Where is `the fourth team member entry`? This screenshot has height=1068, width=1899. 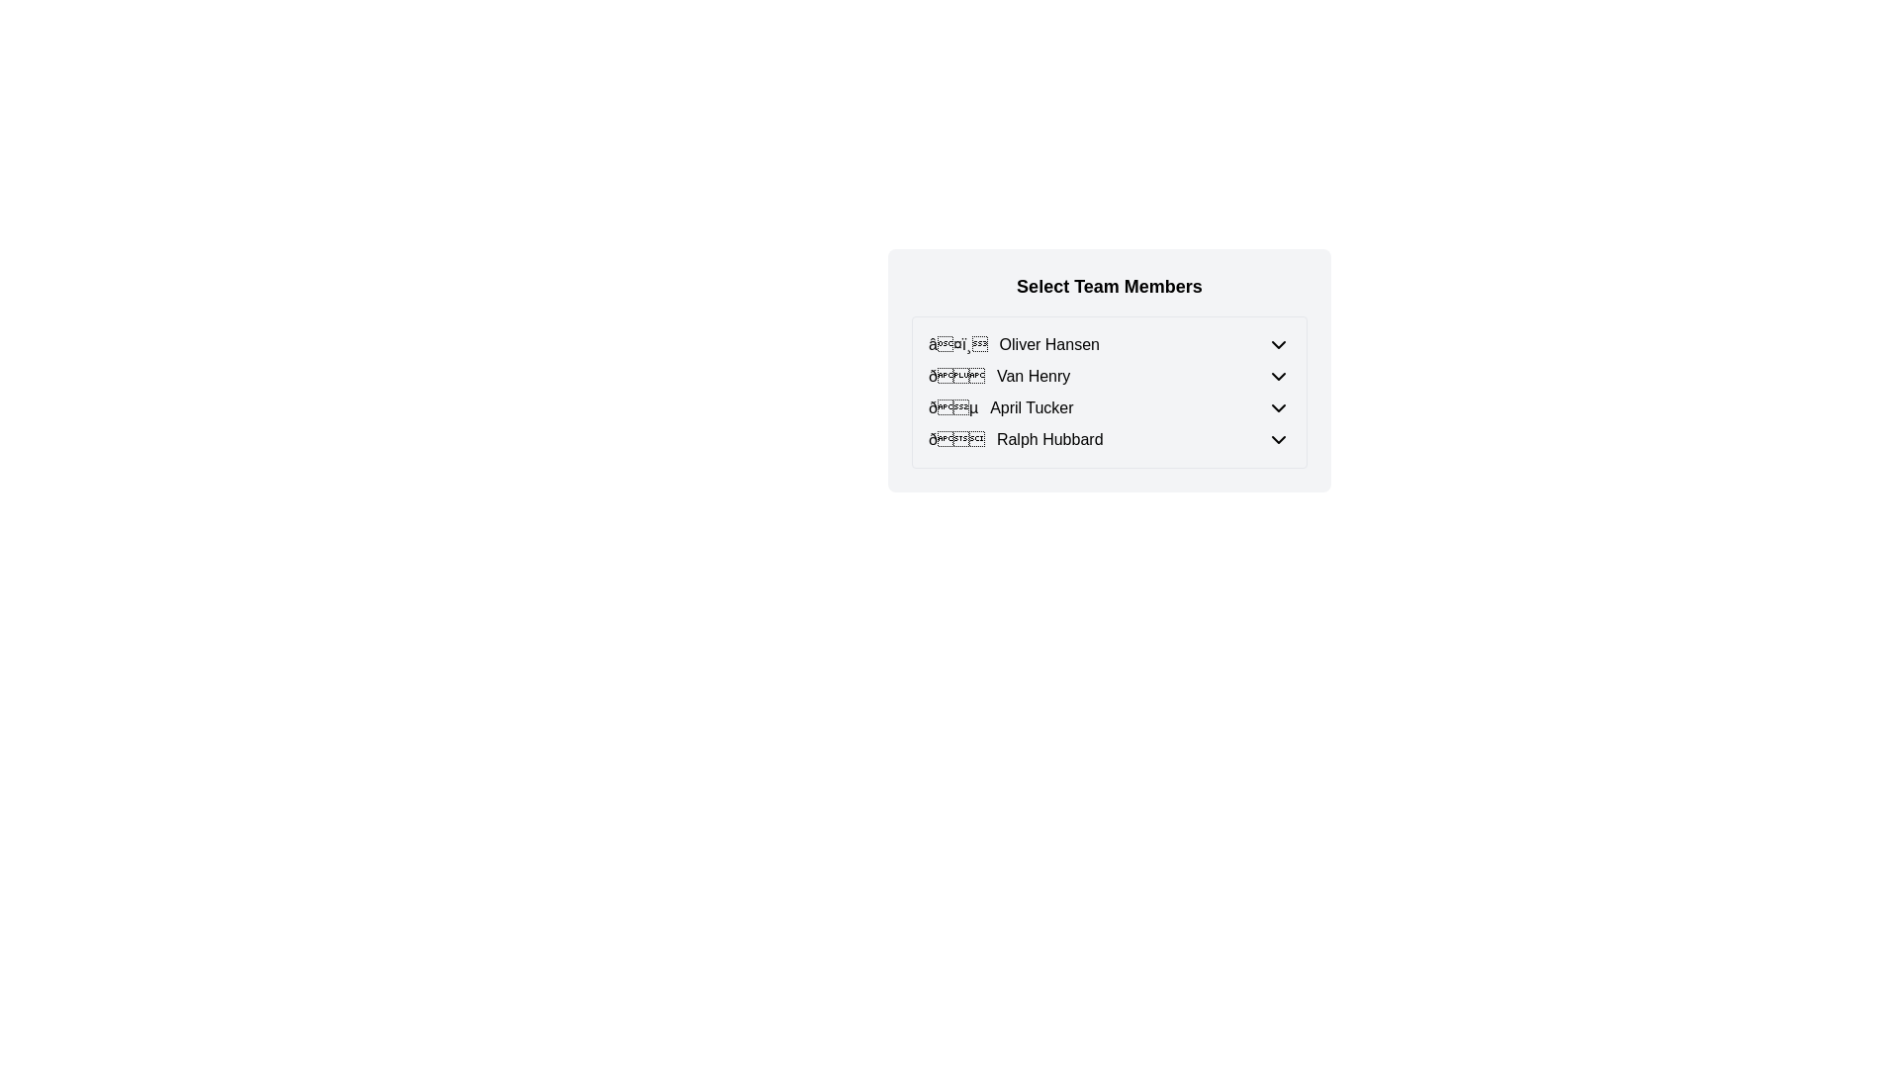
the fourth team member entry is located at coordinates (1016, 438).